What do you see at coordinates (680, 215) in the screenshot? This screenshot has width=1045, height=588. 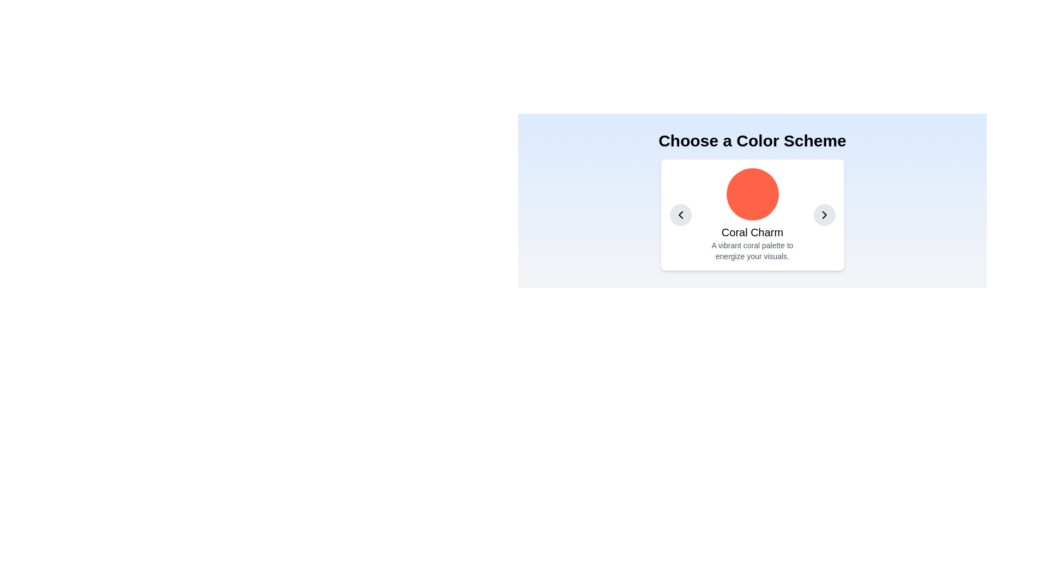 I see `the button located to the left of the circular orange area within the 'Coral Charm' card` at bounding box center [680, 215].